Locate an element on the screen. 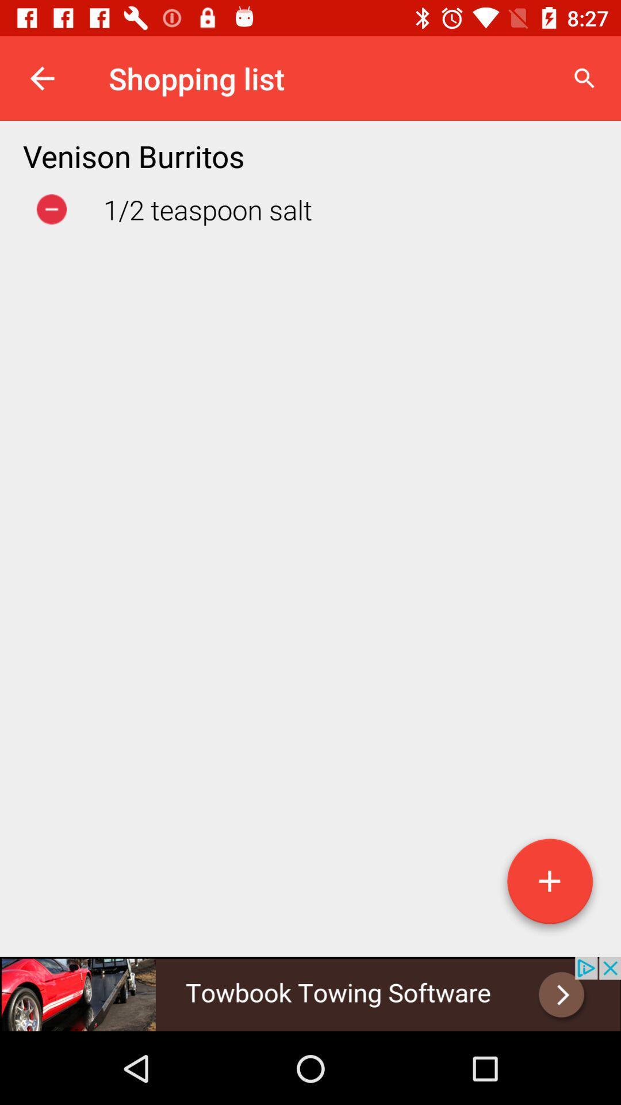 This screenshot has height=1105, width=621. the add option at the bottom right of the page is located at coordinates (549, 885).